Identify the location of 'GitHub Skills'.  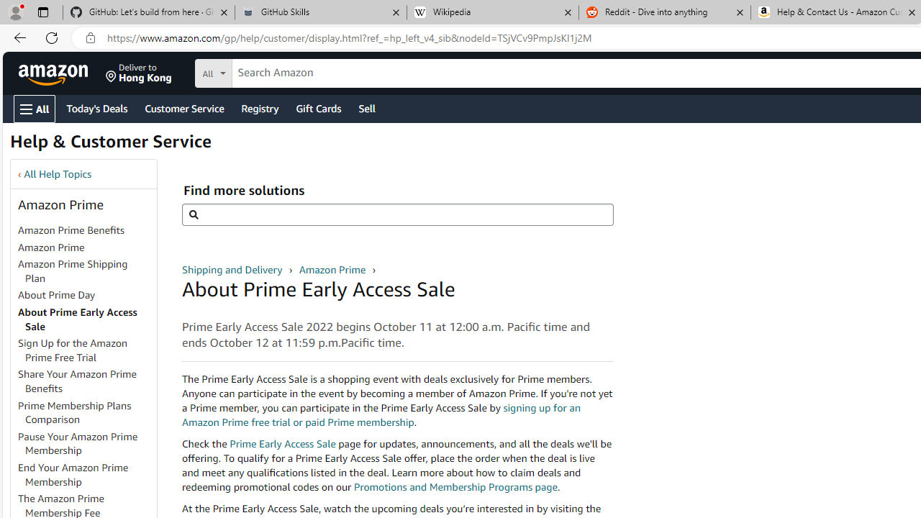
(319, 12).